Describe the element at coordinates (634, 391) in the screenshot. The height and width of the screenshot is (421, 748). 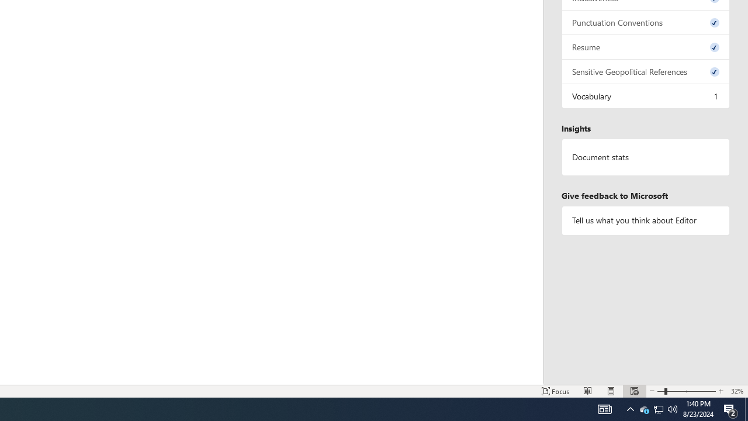
I see `'Web Layout'` at that location.